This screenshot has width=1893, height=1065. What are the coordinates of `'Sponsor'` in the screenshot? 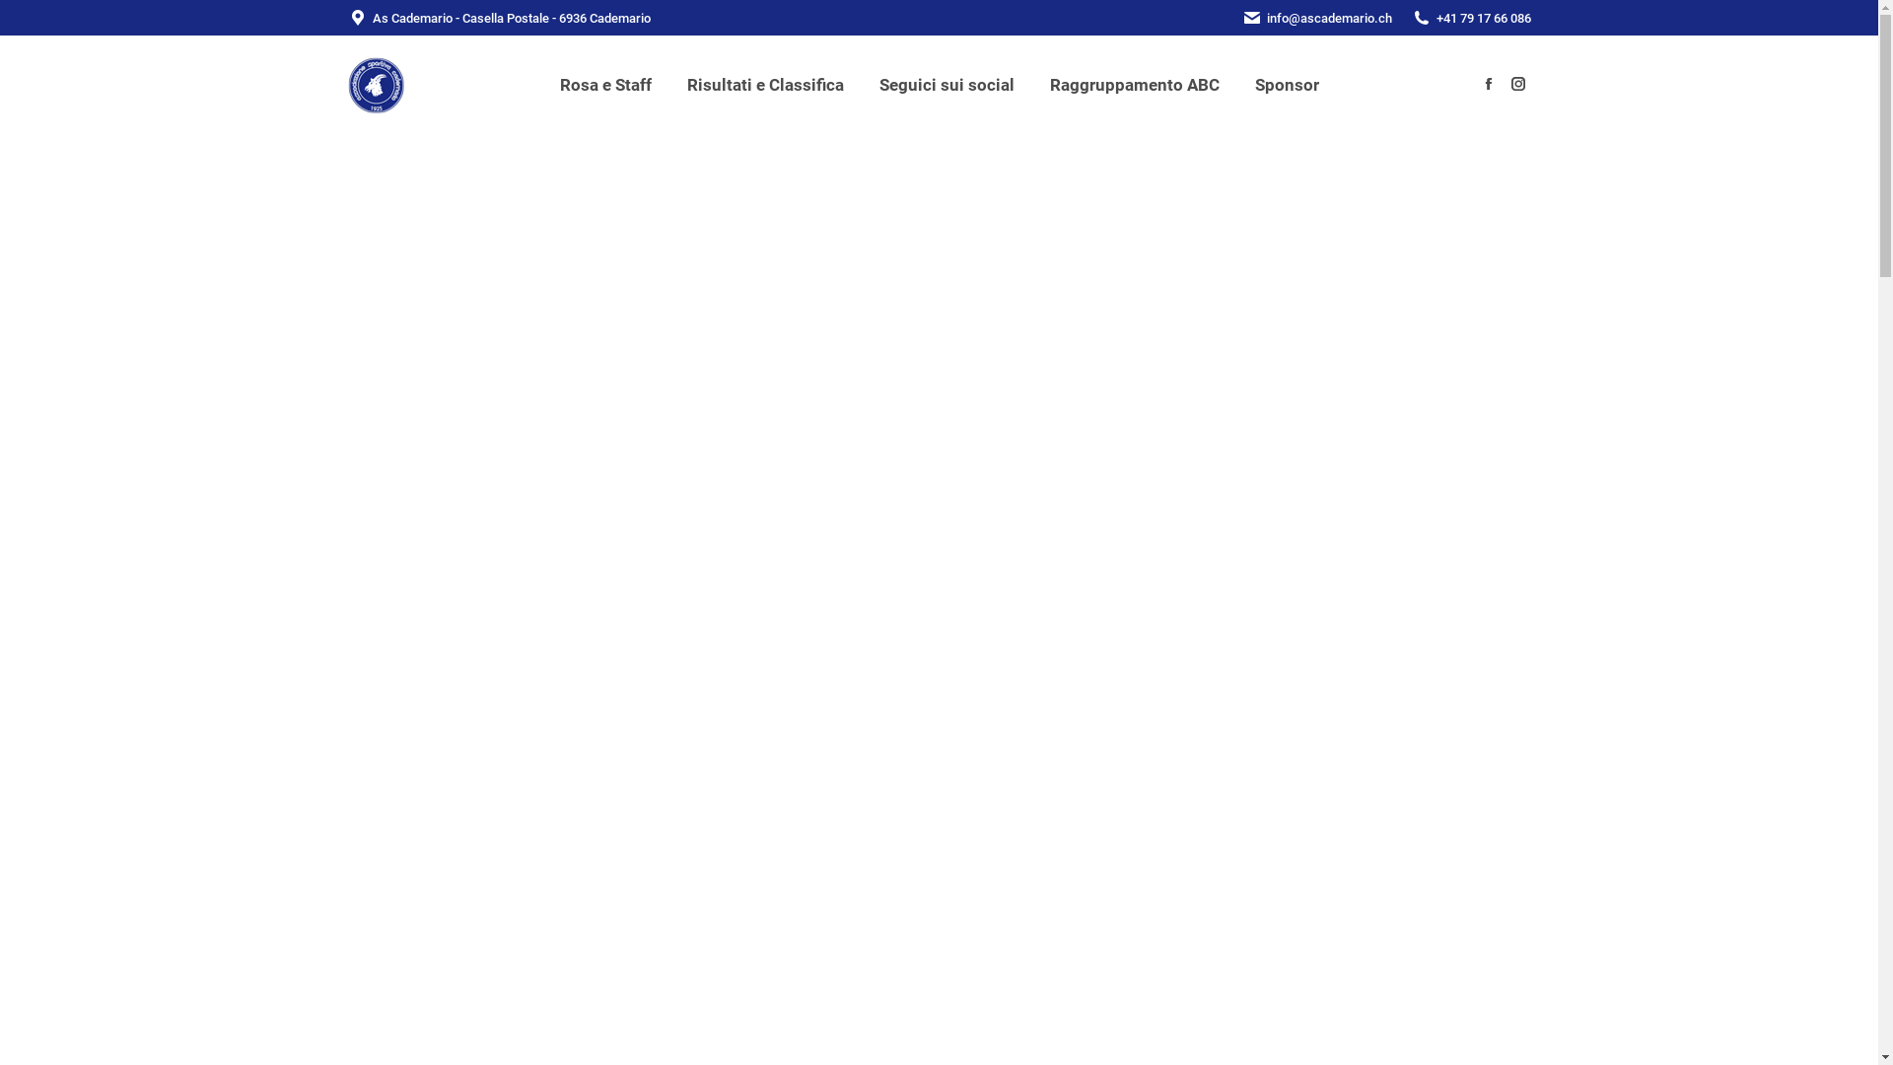 It's located at (1287, 83).